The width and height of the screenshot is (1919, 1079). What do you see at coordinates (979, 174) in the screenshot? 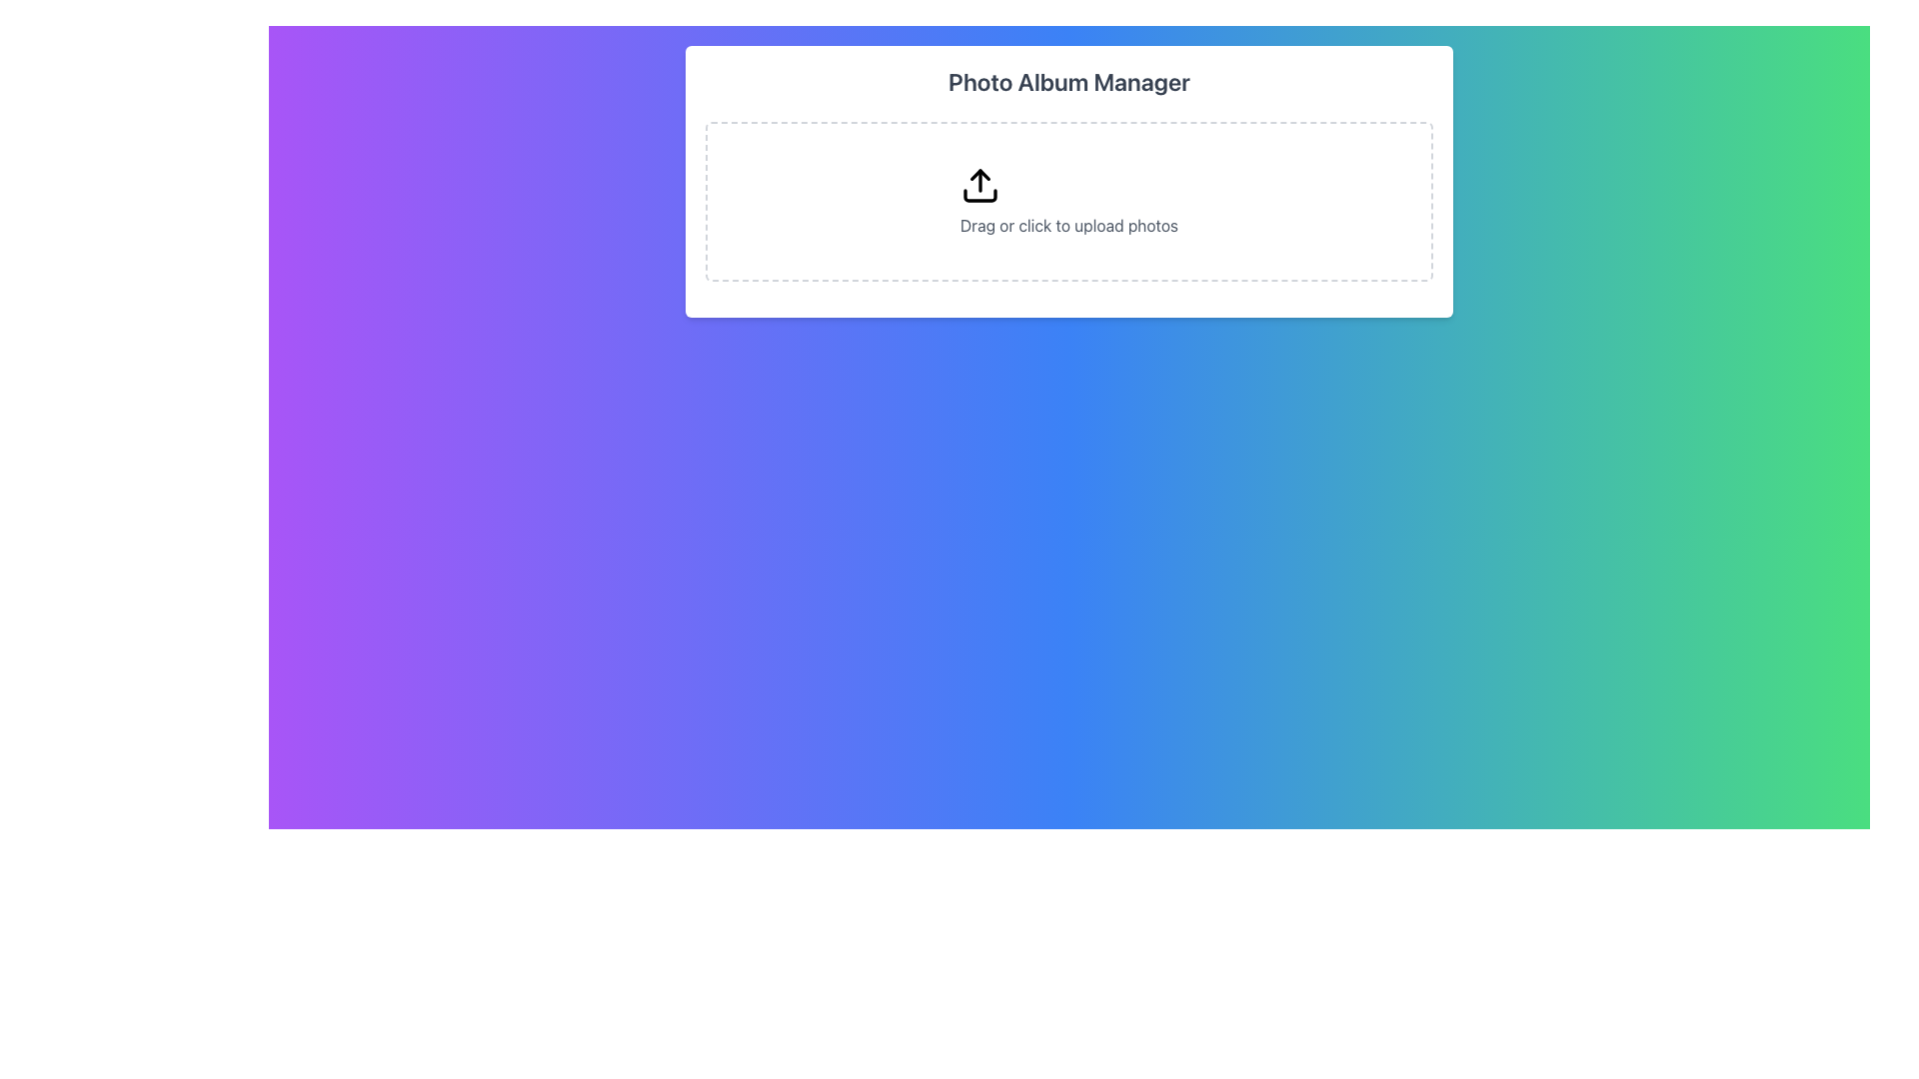
I see `the top part of the upload icon, which is part of a dashed rectangle below the 'Photo Album Manager' heading` at bounding box center [979, 174].